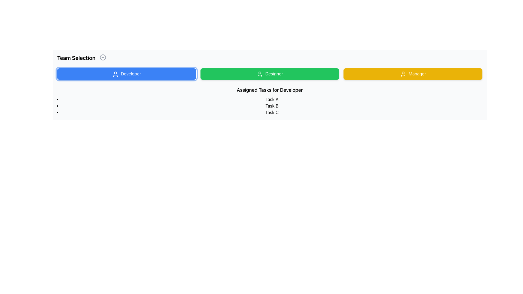 The width and height of the screenshot is (523, 294). I want to click on the text label 'Task B' which is the second entry in a bulleted list of tasks for the 'Developer' section, so click(272, 106).